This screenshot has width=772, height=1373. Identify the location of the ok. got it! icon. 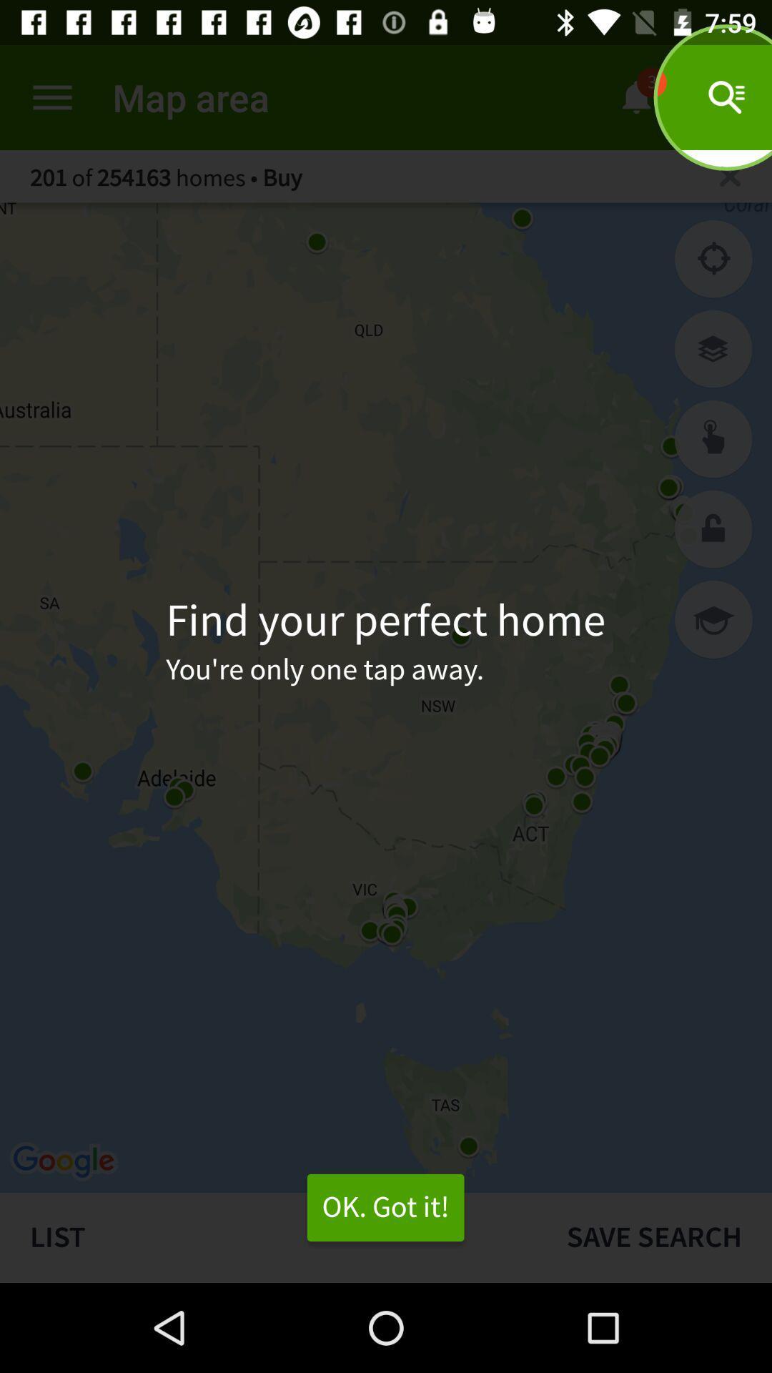
(385, 1207).